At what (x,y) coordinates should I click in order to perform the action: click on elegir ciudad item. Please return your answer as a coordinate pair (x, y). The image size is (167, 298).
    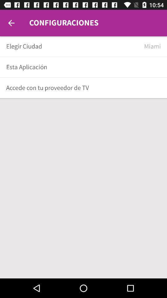
    Looking at the image, I should click on (73, 46).